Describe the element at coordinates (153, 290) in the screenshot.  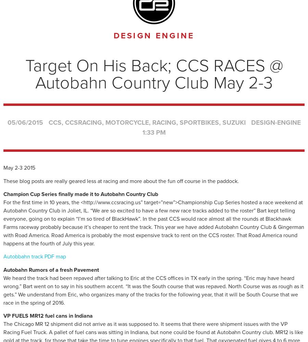
I see `'We heard the track had been repaved after talking to Eric at the CCS offices in TX early in the spring. “Eric may have heard wrong.” Bart went on to say in his southern accent. “It was the South course that was repaved. North Course was as rough as it gets.” We understand from Eric, who organizes many of the tracks for the following year, that it will be South Course that we race in the spring of 2016.'` at that location.